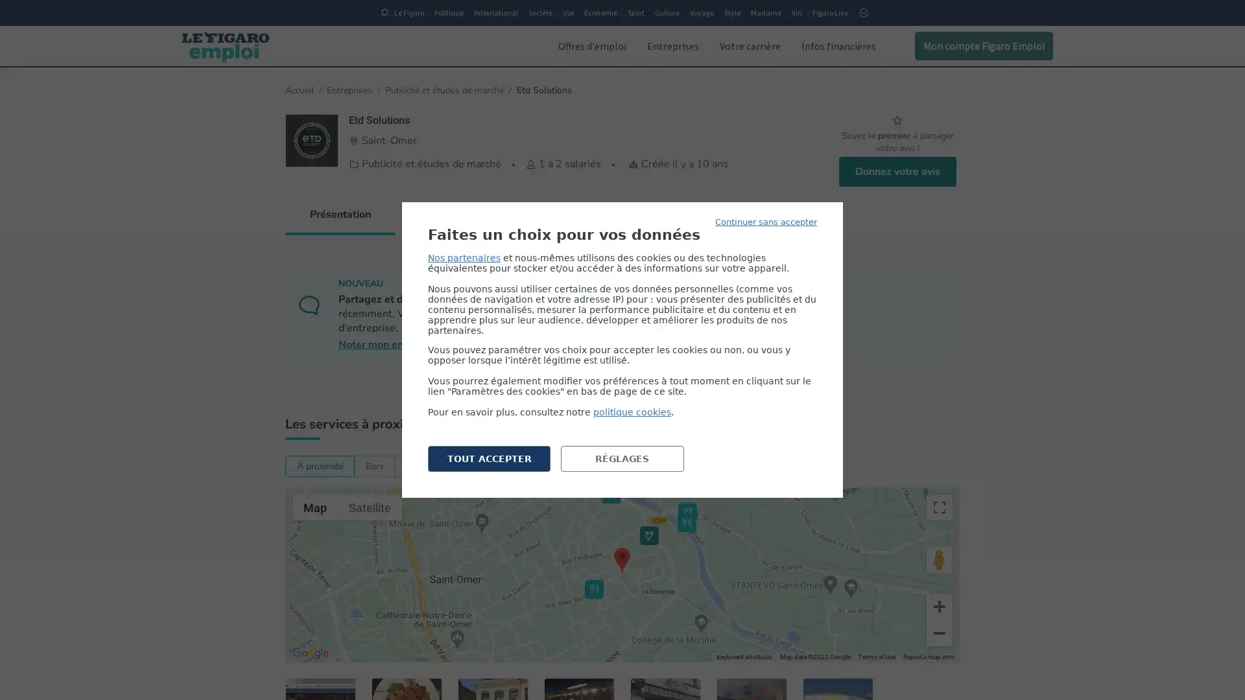  I want to click on Harmony, so click(694, 687).